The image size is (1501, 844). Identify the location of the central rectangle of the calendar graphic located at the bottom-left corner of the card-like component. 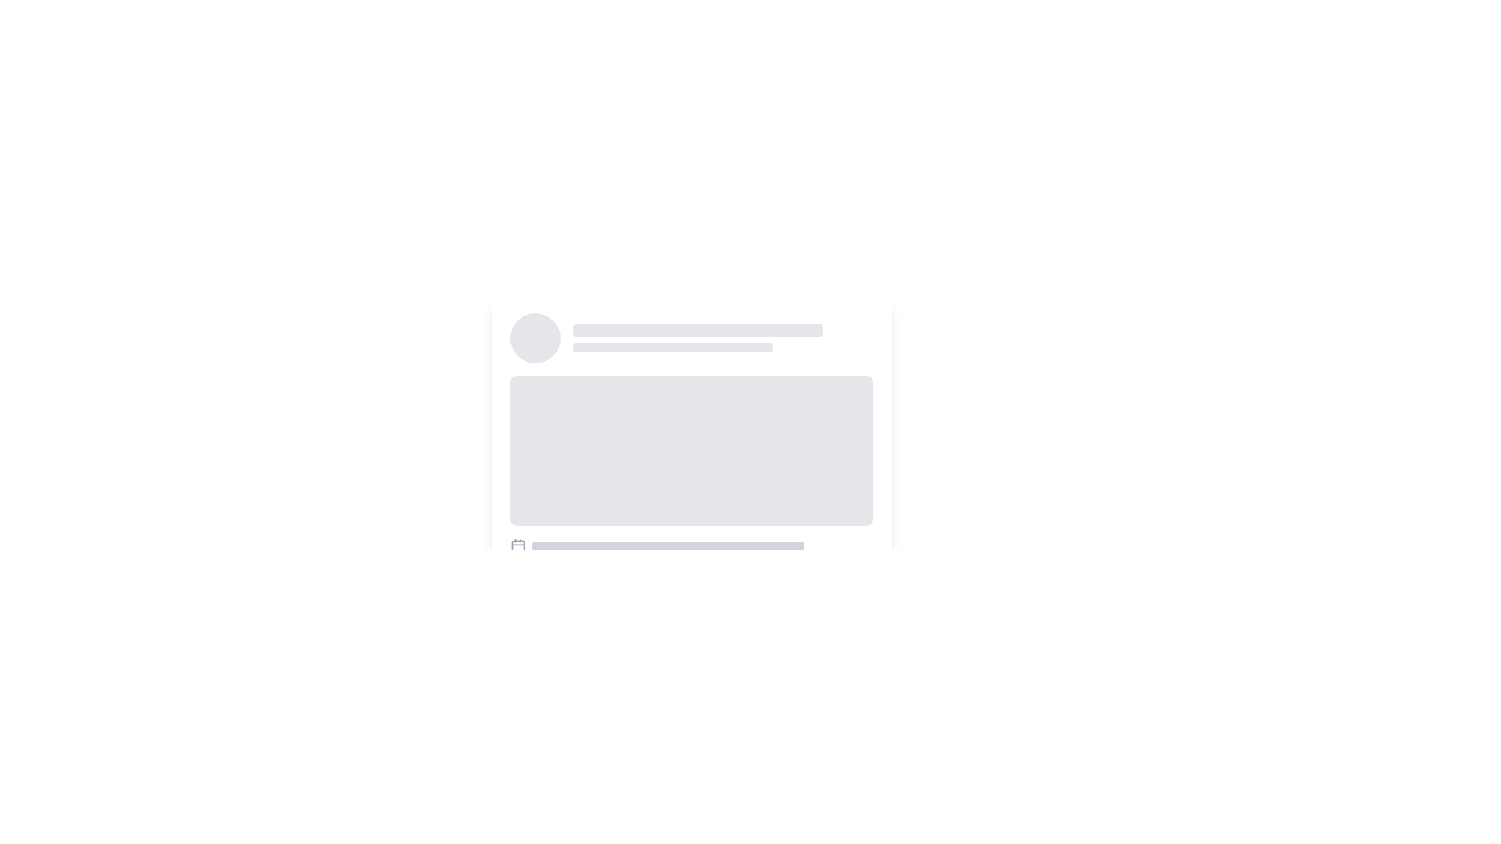
(518, 545).